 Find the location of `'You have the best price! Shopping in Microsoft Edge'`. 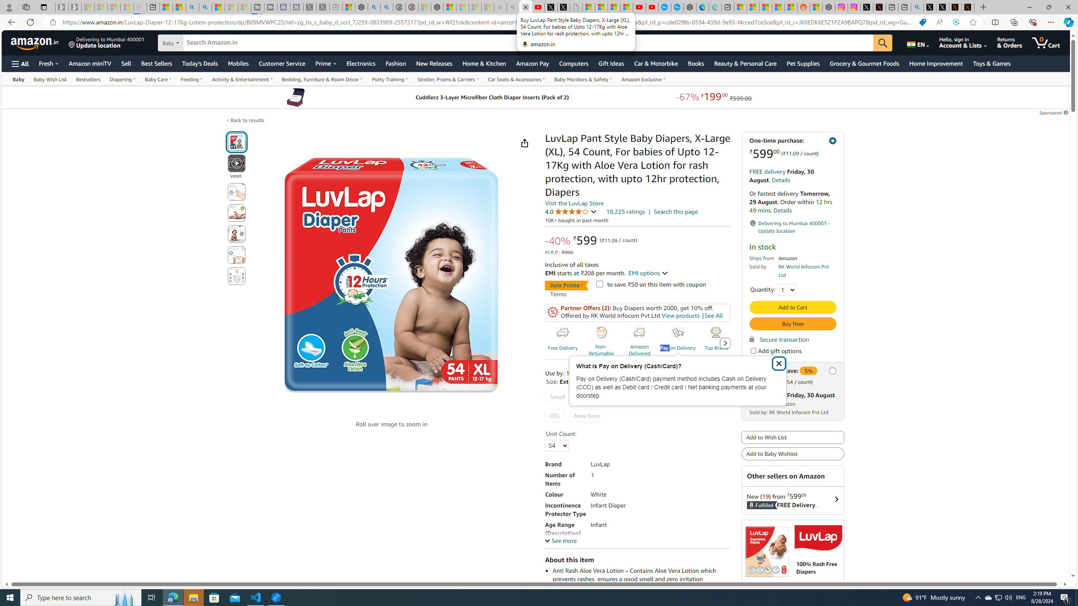

'You have the best price! Shopping in Microsoft Edge' is located at coordinates (922, 22).